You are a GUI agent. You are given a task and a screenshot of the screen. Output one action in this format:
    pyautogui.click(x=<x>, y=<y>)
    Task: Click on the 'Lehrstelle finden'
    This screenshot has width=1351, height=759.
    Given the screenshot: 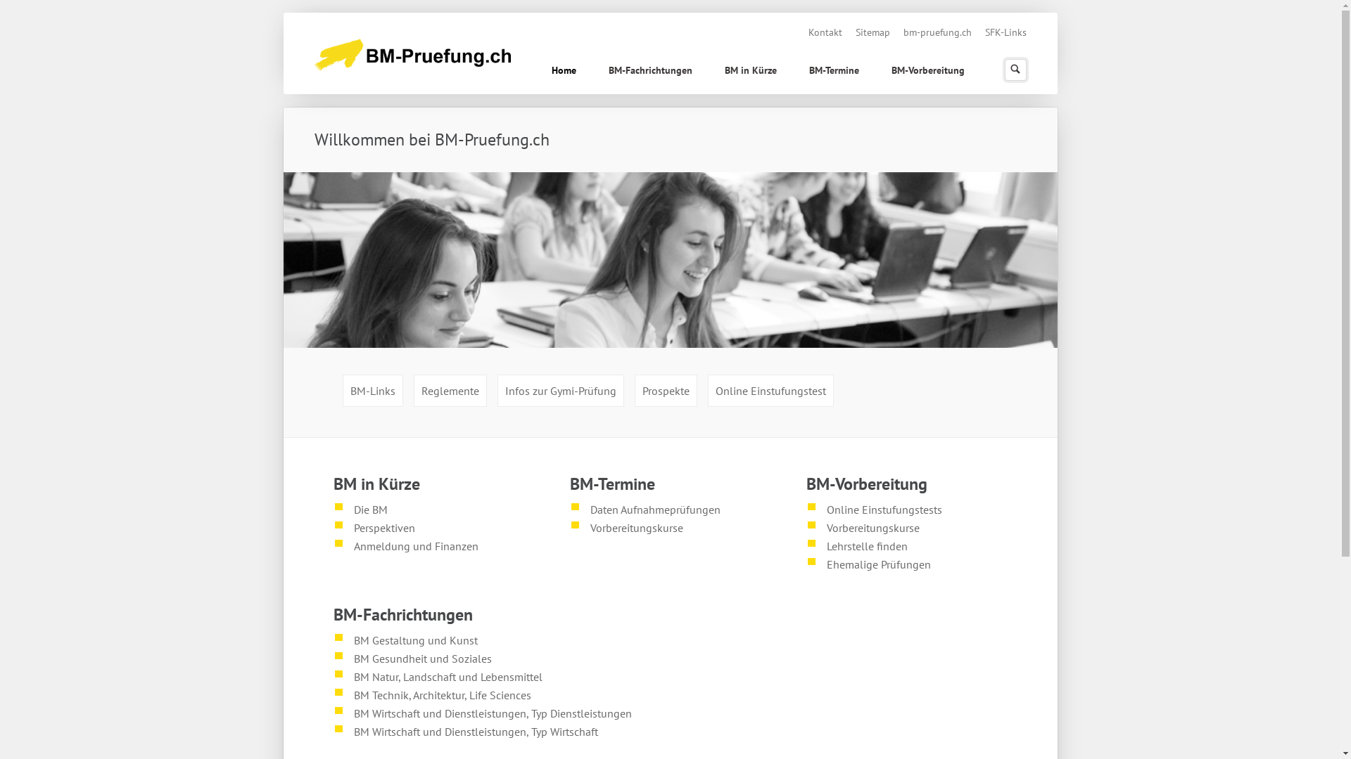 What is the action you would take?
    pyautogui.click(x=866, y=545)
    